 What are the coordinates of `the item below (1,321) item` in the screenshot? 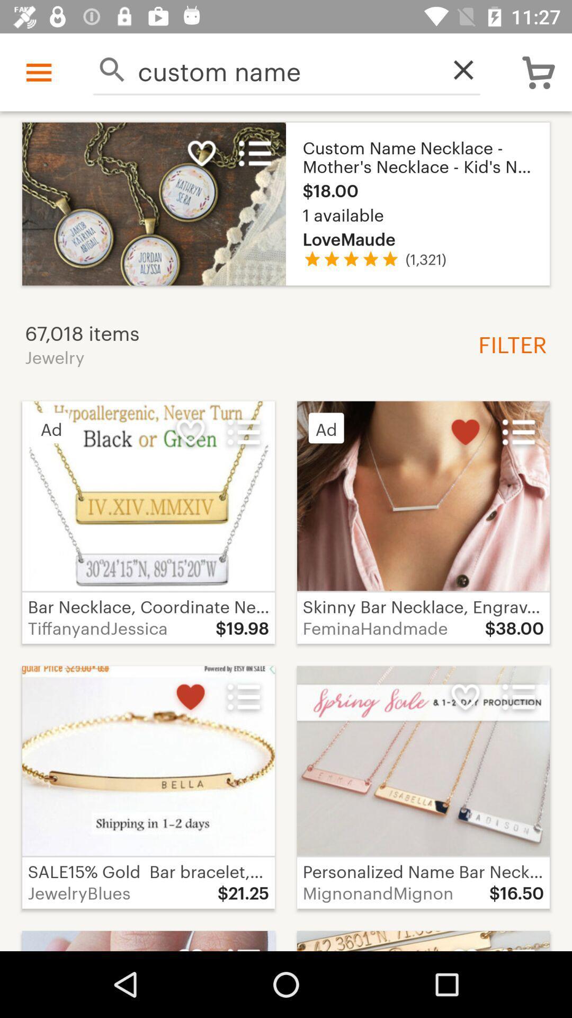 It's located at (508, 343).